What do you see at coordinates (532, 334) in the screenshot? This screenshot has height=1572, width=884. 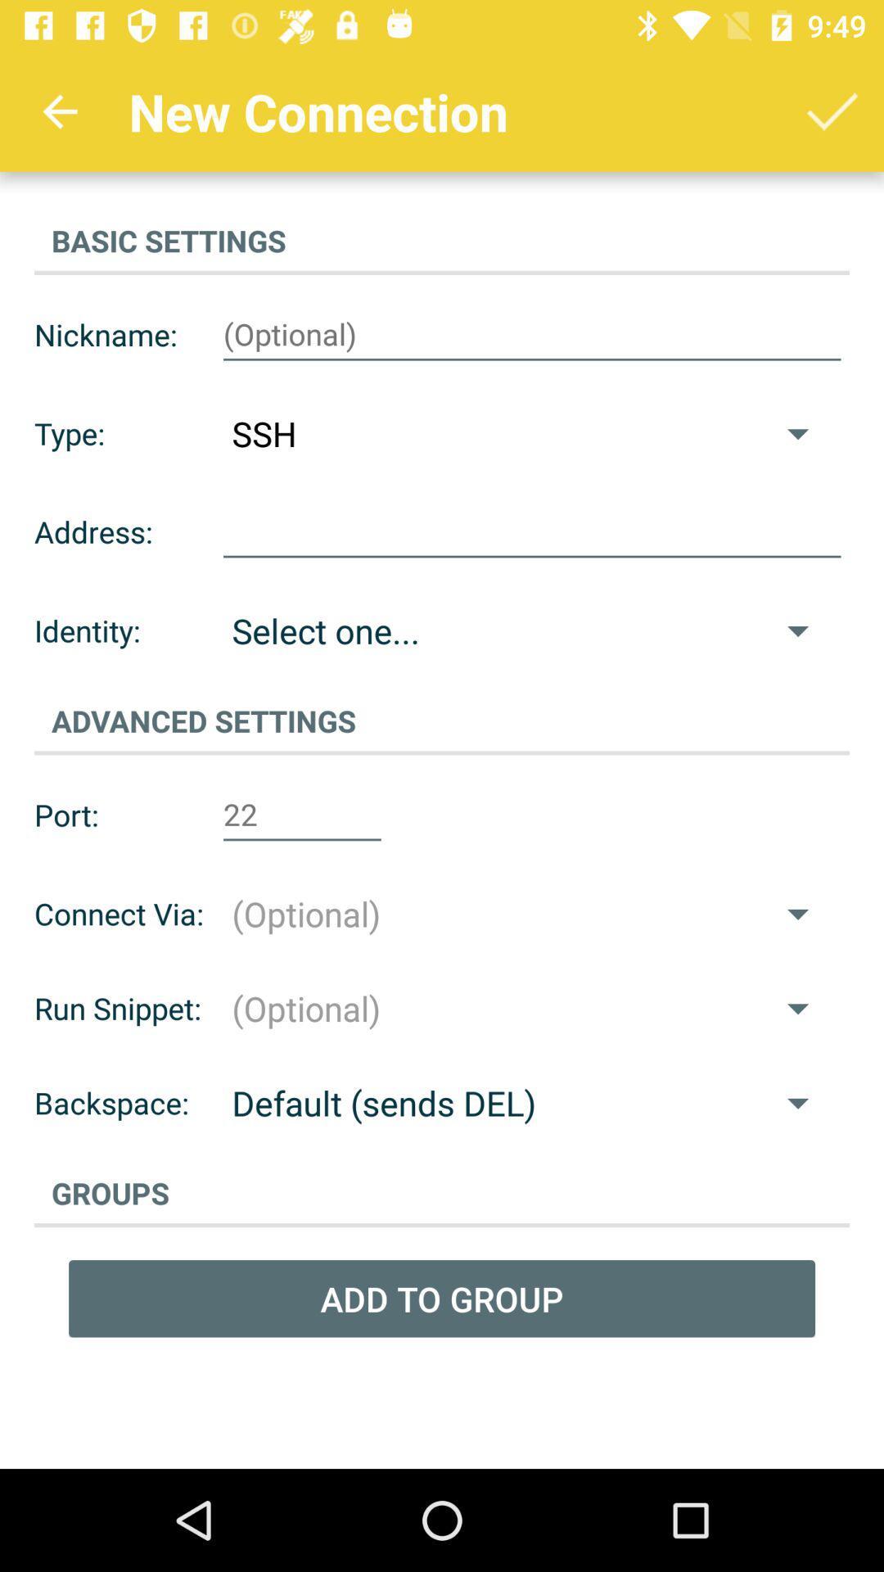 I see `optional nickname` at bounding box center [532, 334].